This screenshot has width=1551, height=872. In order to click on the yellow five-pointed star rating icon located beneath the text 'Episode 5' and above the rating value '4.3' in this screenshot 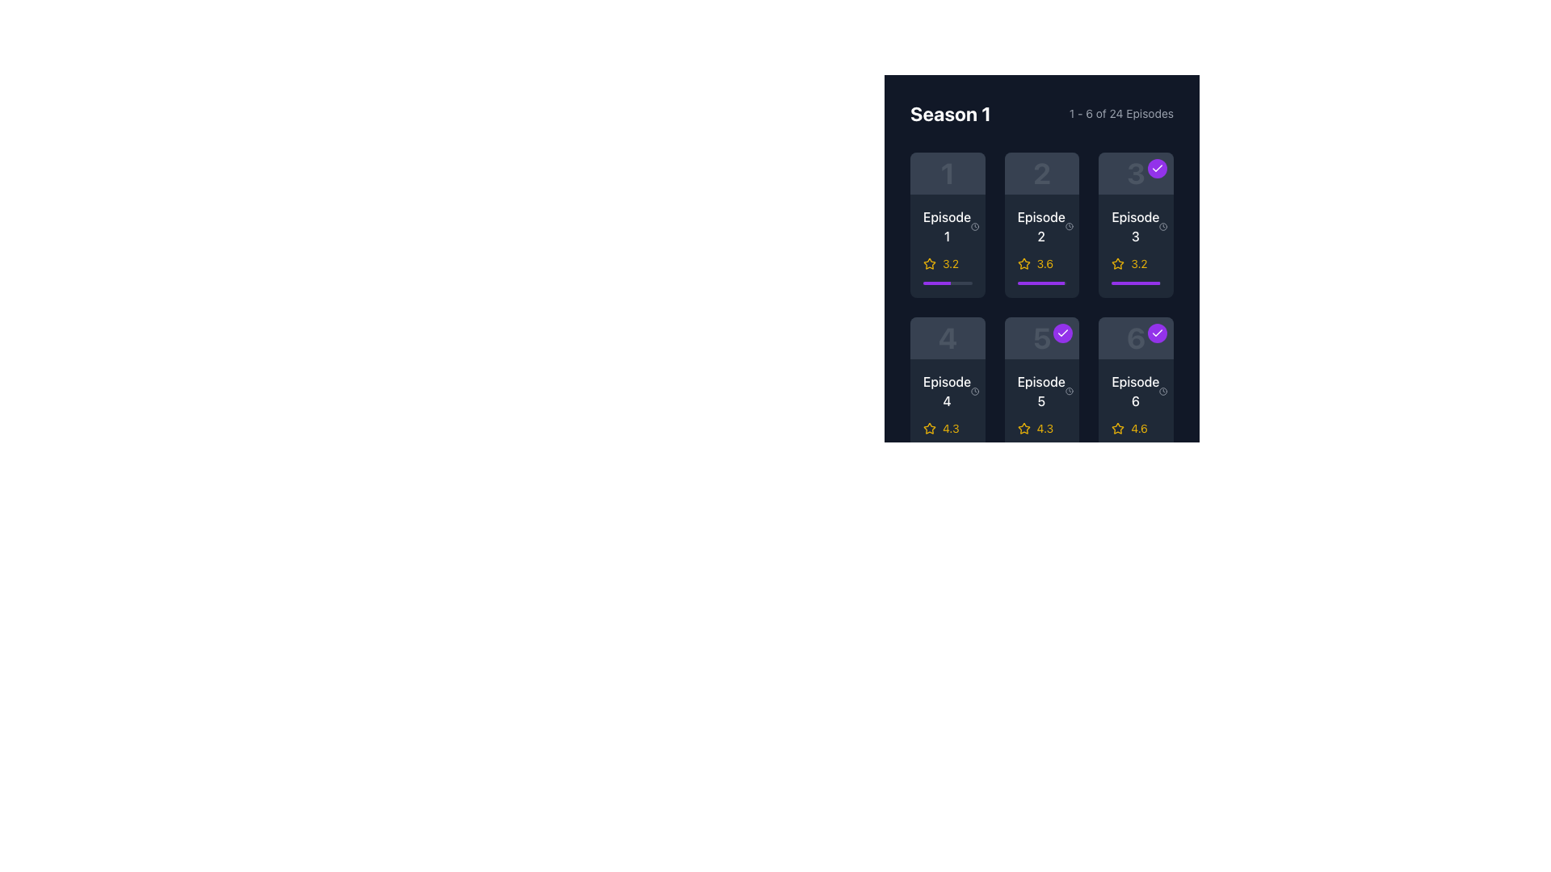, I will do `click(1023, 427)`.